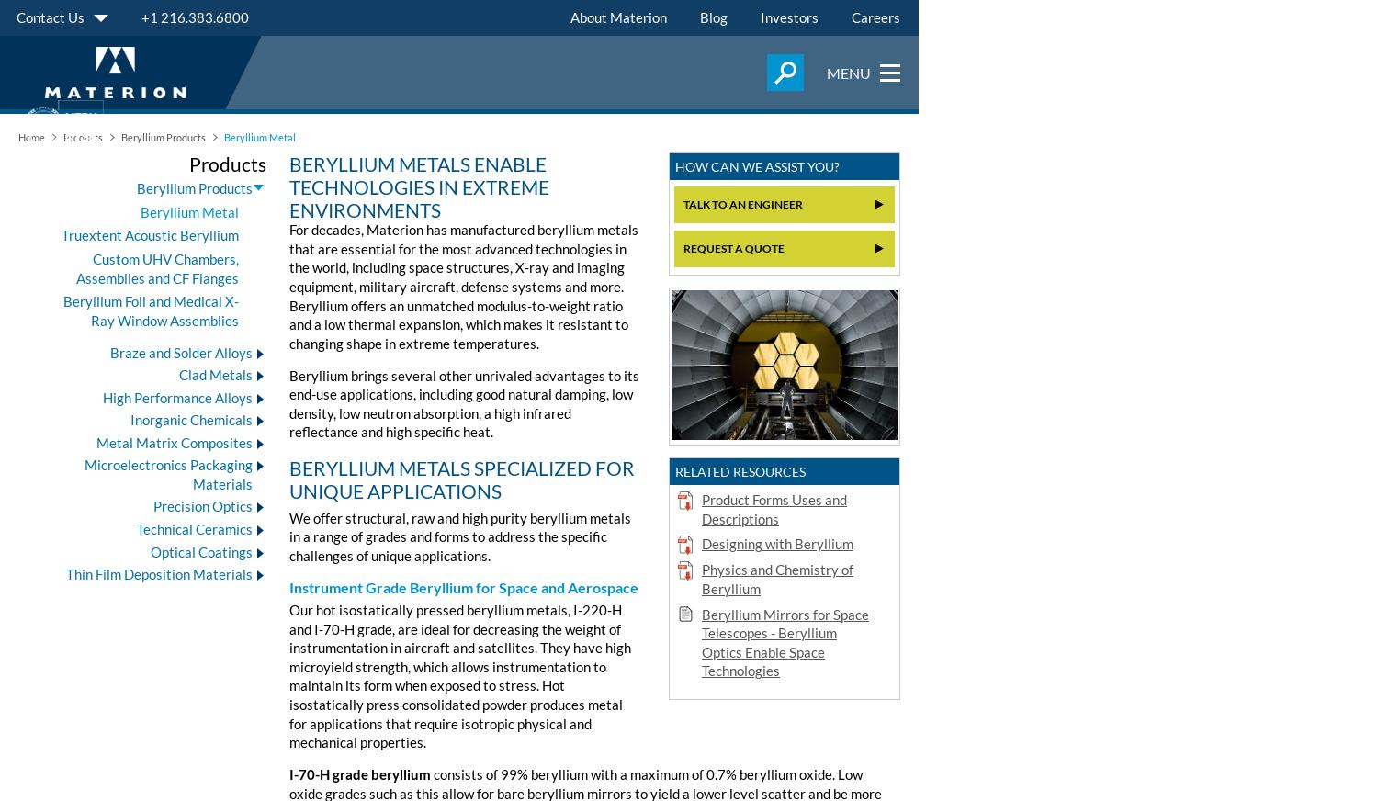 This screenshot has width=1389, height=801. Describe the element at coordinates (848, 71) in the screenshot. I see `'Menu'` at that location.